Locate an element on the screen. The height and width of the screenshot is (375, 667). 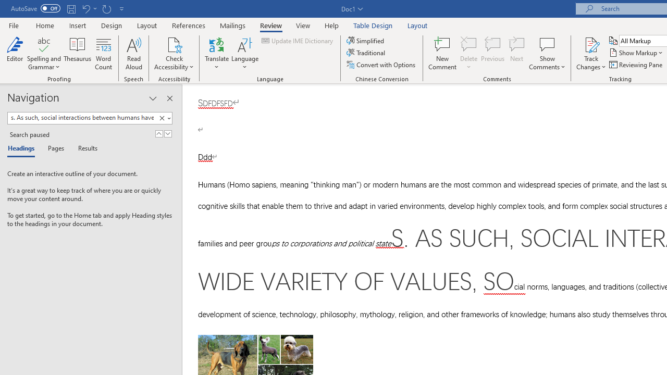
'Next Result' is located at coordinates (168, 133).